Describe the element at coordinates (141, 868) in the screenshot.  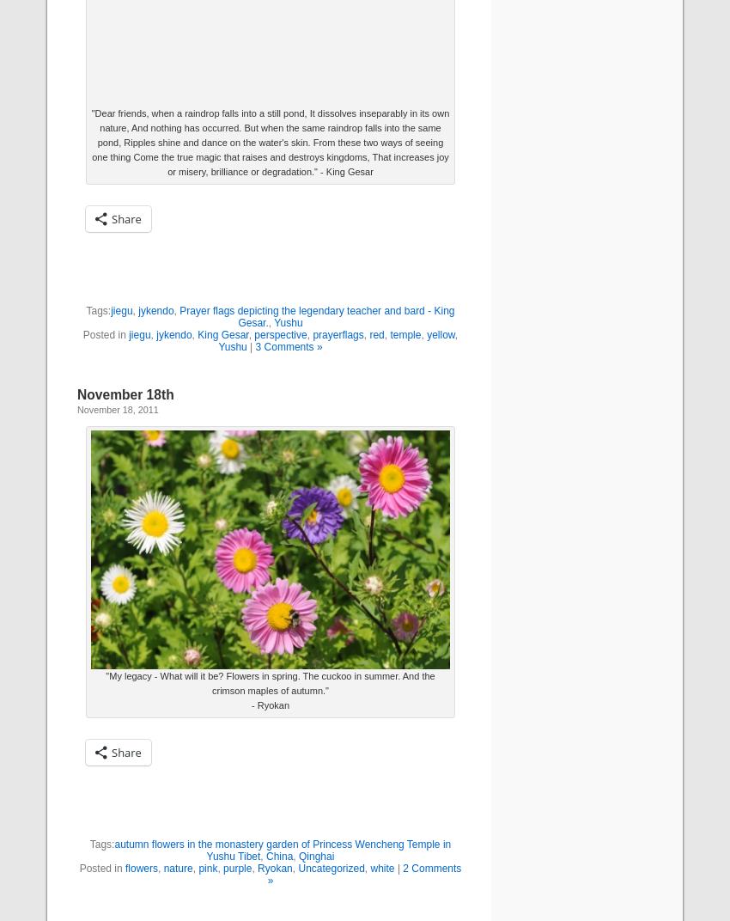
I see `'flowers'` at that location.